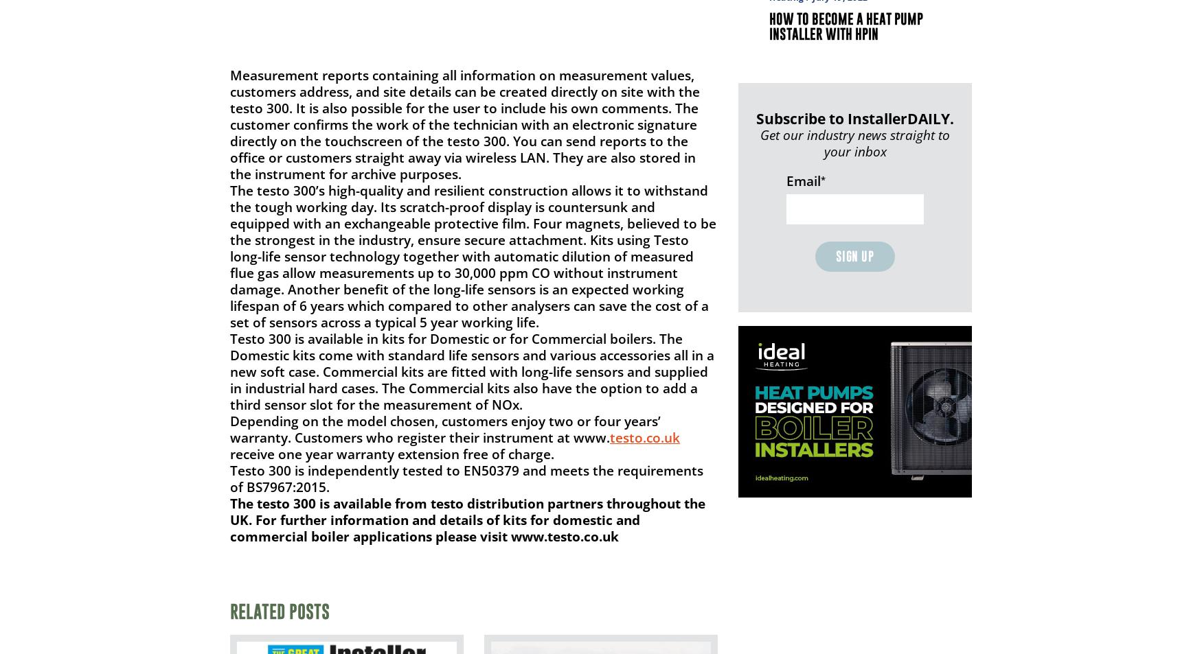 Image resolution: width=1202 pixels, height=654 pixels. I want to click on 'Email', so click(803, 180).